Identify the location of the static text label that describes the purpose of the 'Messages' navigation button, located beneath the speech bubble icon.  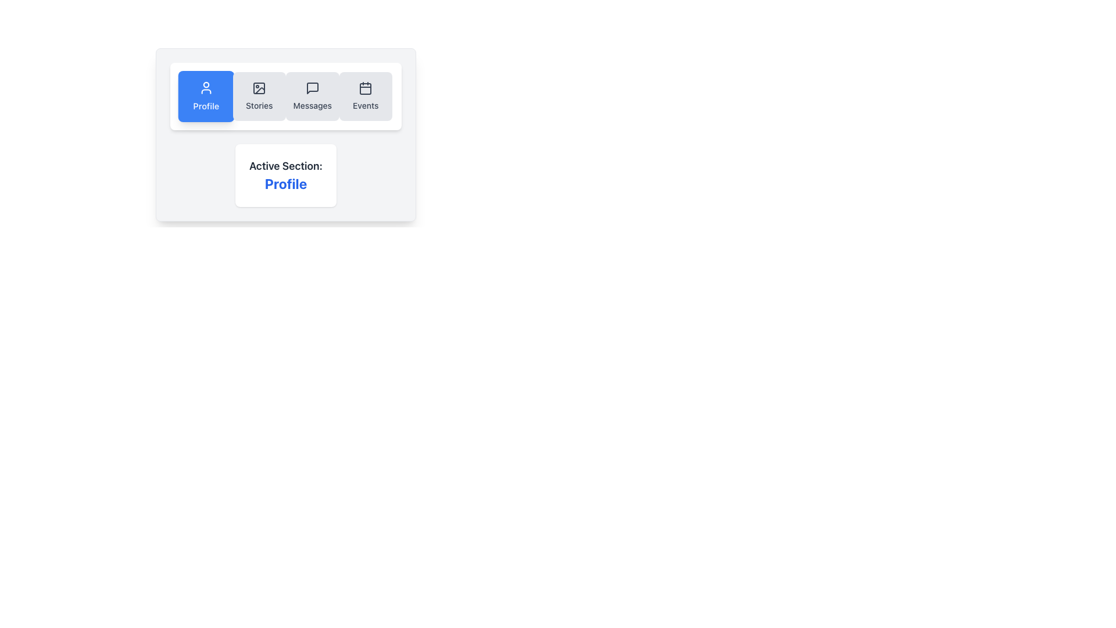
(312, 105).